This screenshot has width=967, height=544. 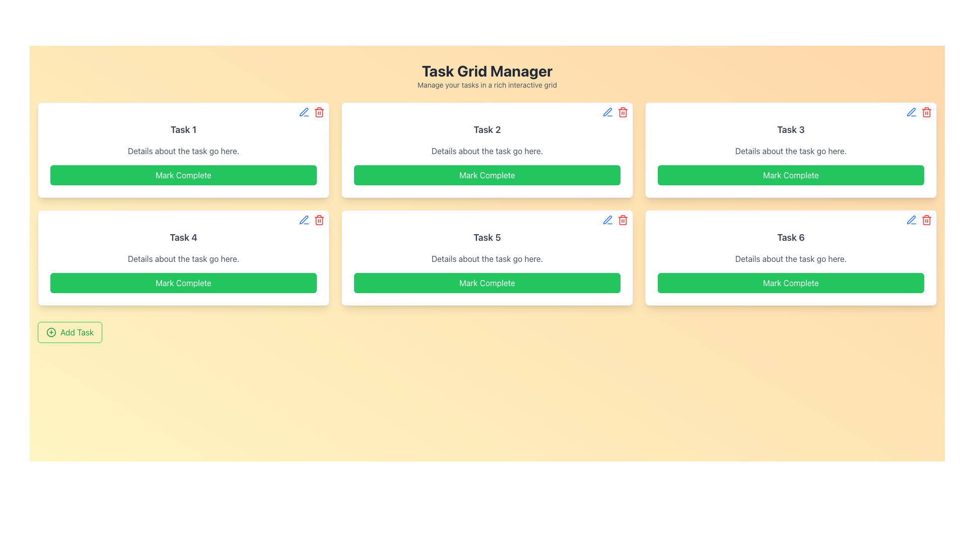 I want to click on the graphical pen icon located at the top-right corner of the task card labeled 'Task 2', so click(x=607, y=112).